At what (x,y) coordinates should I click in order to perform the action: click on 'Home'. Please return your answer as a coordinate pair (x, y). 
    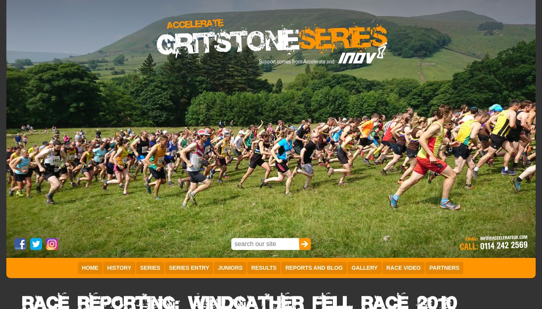
    Looking at the image, I should click on (89, 267).